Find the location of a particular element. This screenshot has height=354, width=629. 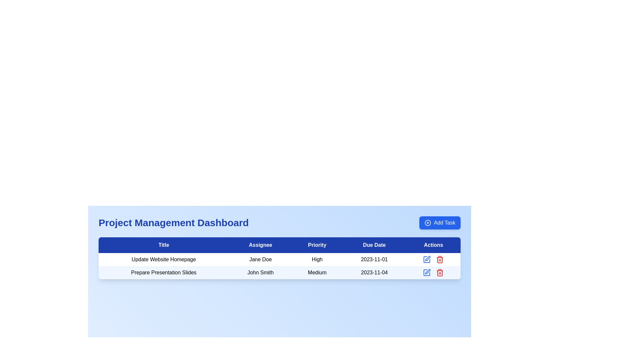

the edit icon button for the task 'Prepare Presentation Slides' located in the second row of the 'Actions' column is located at coordinates (427, 273).